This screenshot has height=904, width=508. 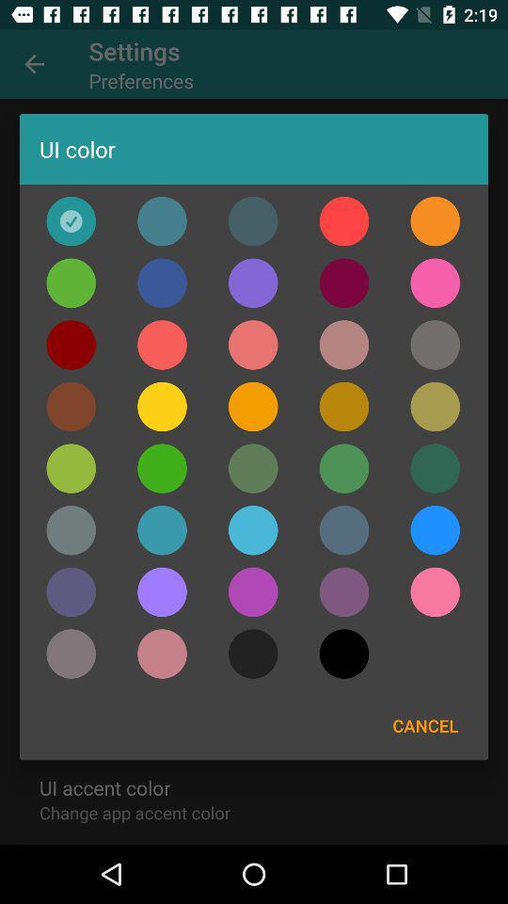 I want to click on choose ui color blue-grey, so click(x=343, y=530).